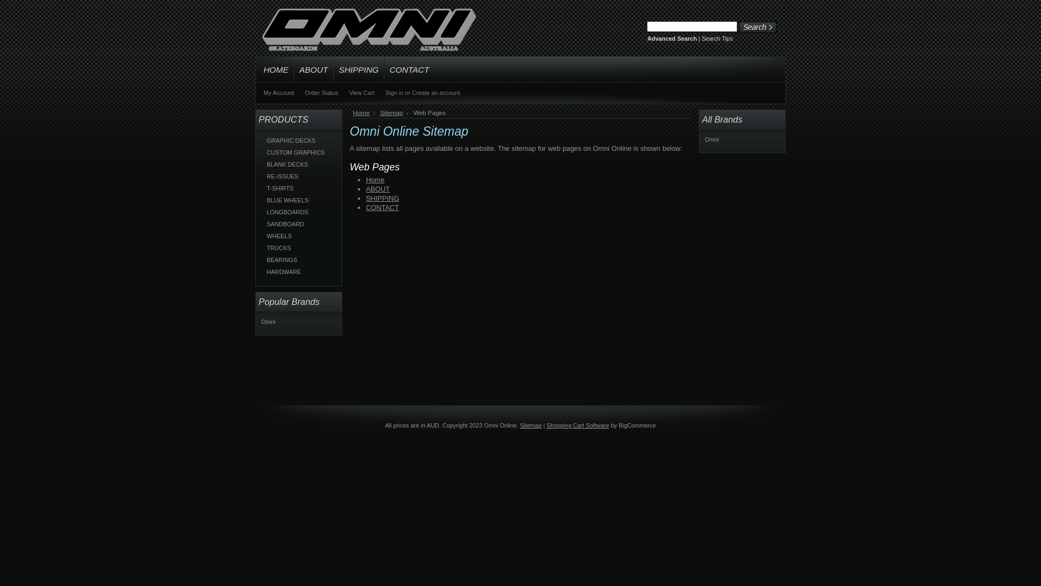  I want to click on 'CUSTOM GRAPHICS', so click(261, 152).